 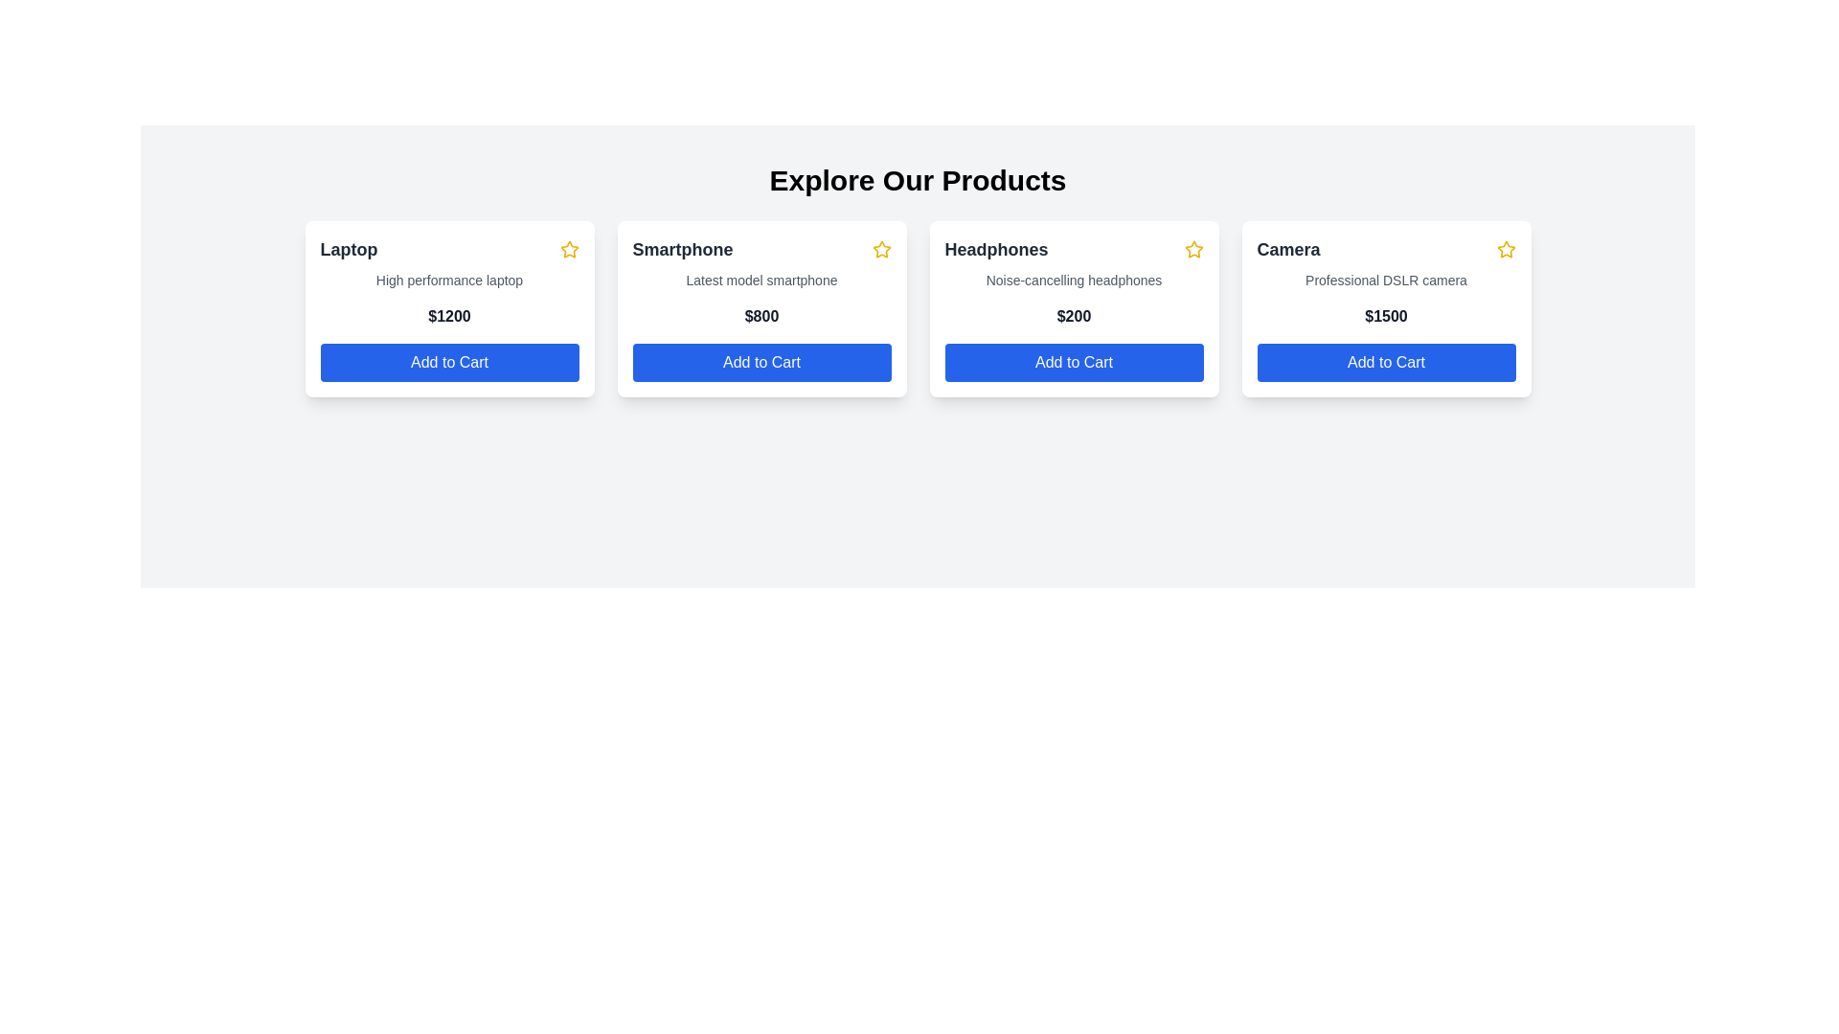 What do you see at coordinates (1386, 308) in the screenshot?
I see `product information from the product card component displaying details about the 'Camera', which is located in the fourth position of the grid layout` at bounding box center [1386, 308].